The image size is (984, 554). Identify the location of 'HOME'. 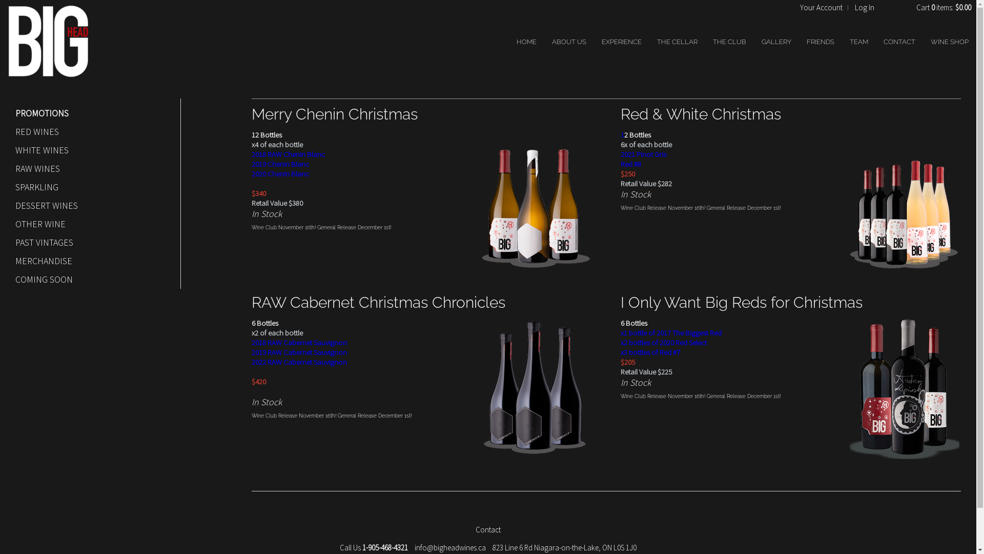
(526, 41).